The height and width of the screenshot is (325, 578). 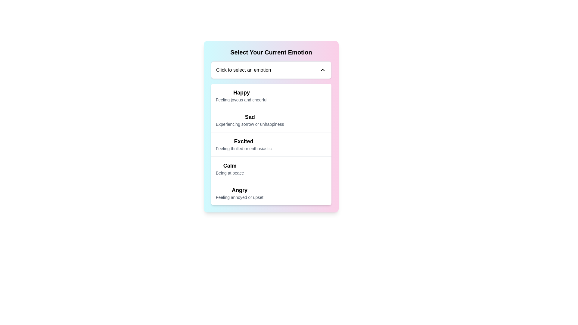 I want to click on the static text display that shows the phrase 'Feeling joyous and cheerful', which is styled with a gray font and located beneath the bold heading 'Happy', so click(x=241, y=99).